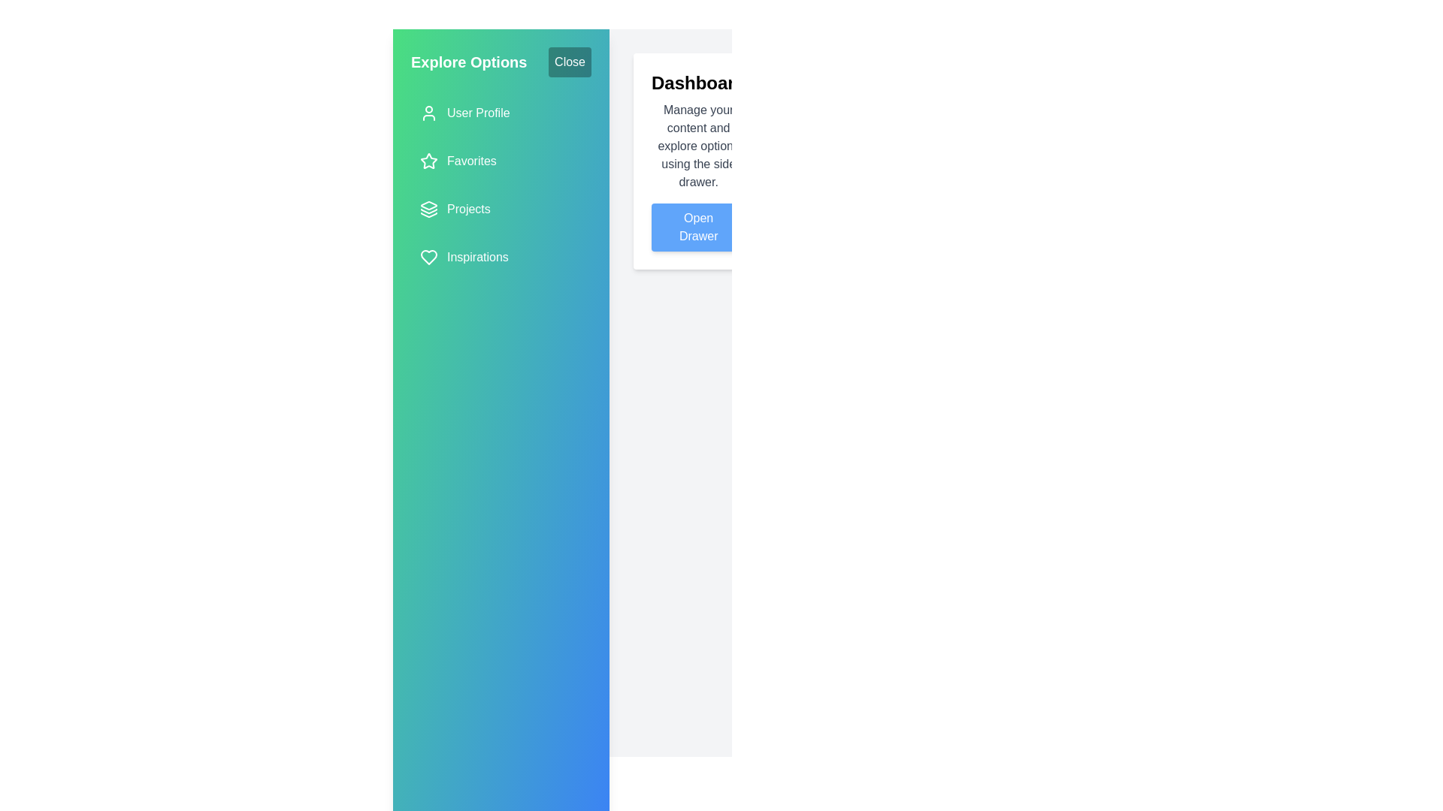  Describe the element at coordinates (501, 112) in the screenshot. I see `the navigation item User Profile from the drawer` at that location.